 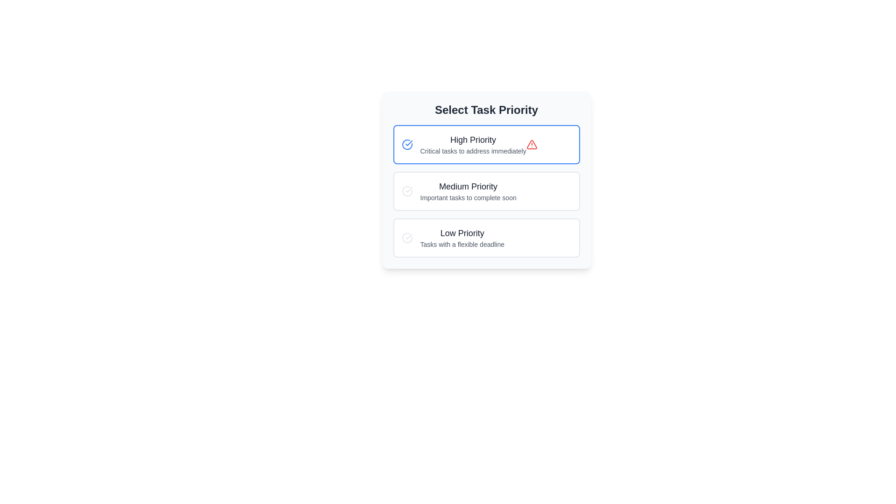 What do you see at coordinates (464, 144) in the screenshot?
I see `the high-priority task selection option located below the title 'Select Task Priority' in the priority list` at bounding box center [464, 144].